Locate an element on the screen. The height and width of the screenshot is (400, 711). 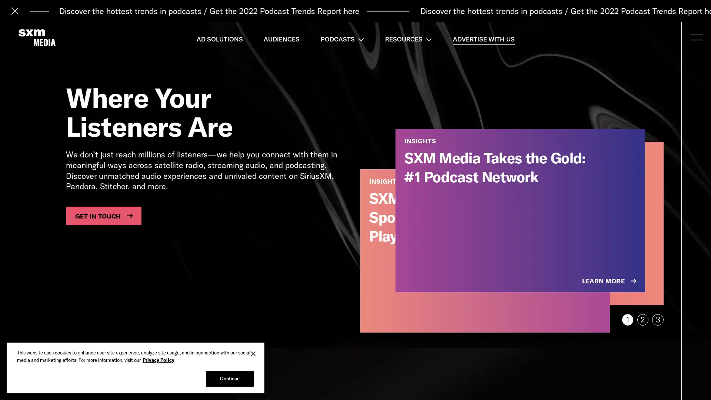
GET IN TOUCH is located at coordinates (103, 216).